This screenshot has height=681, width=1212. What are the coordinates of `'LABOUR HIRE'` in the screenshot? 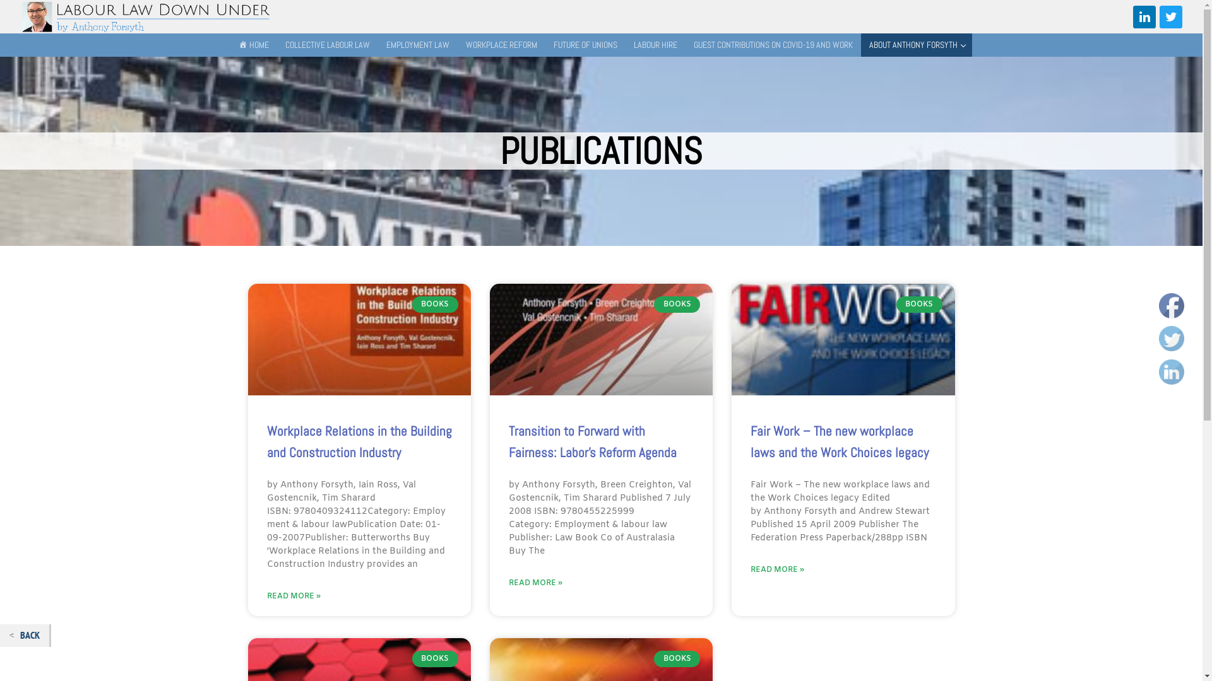 It's located at (655, 45).